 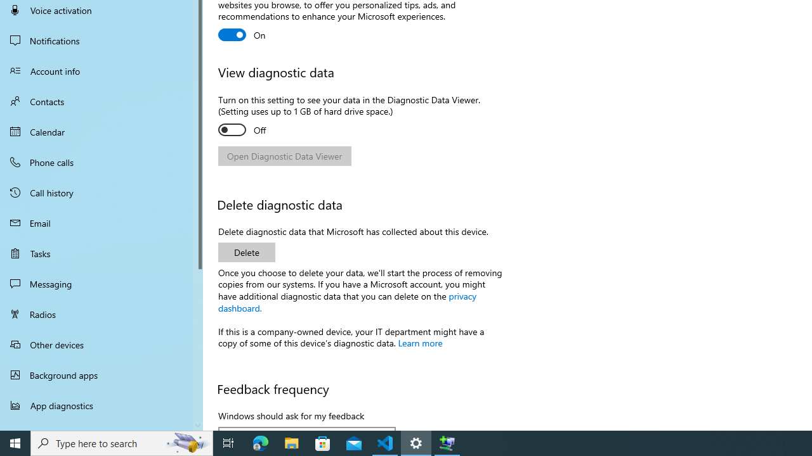 What do you see at coordinates (307, 427) in the screenshot?
I see `'Windows should ask for my feedback'` at bounding box center [307, 427].